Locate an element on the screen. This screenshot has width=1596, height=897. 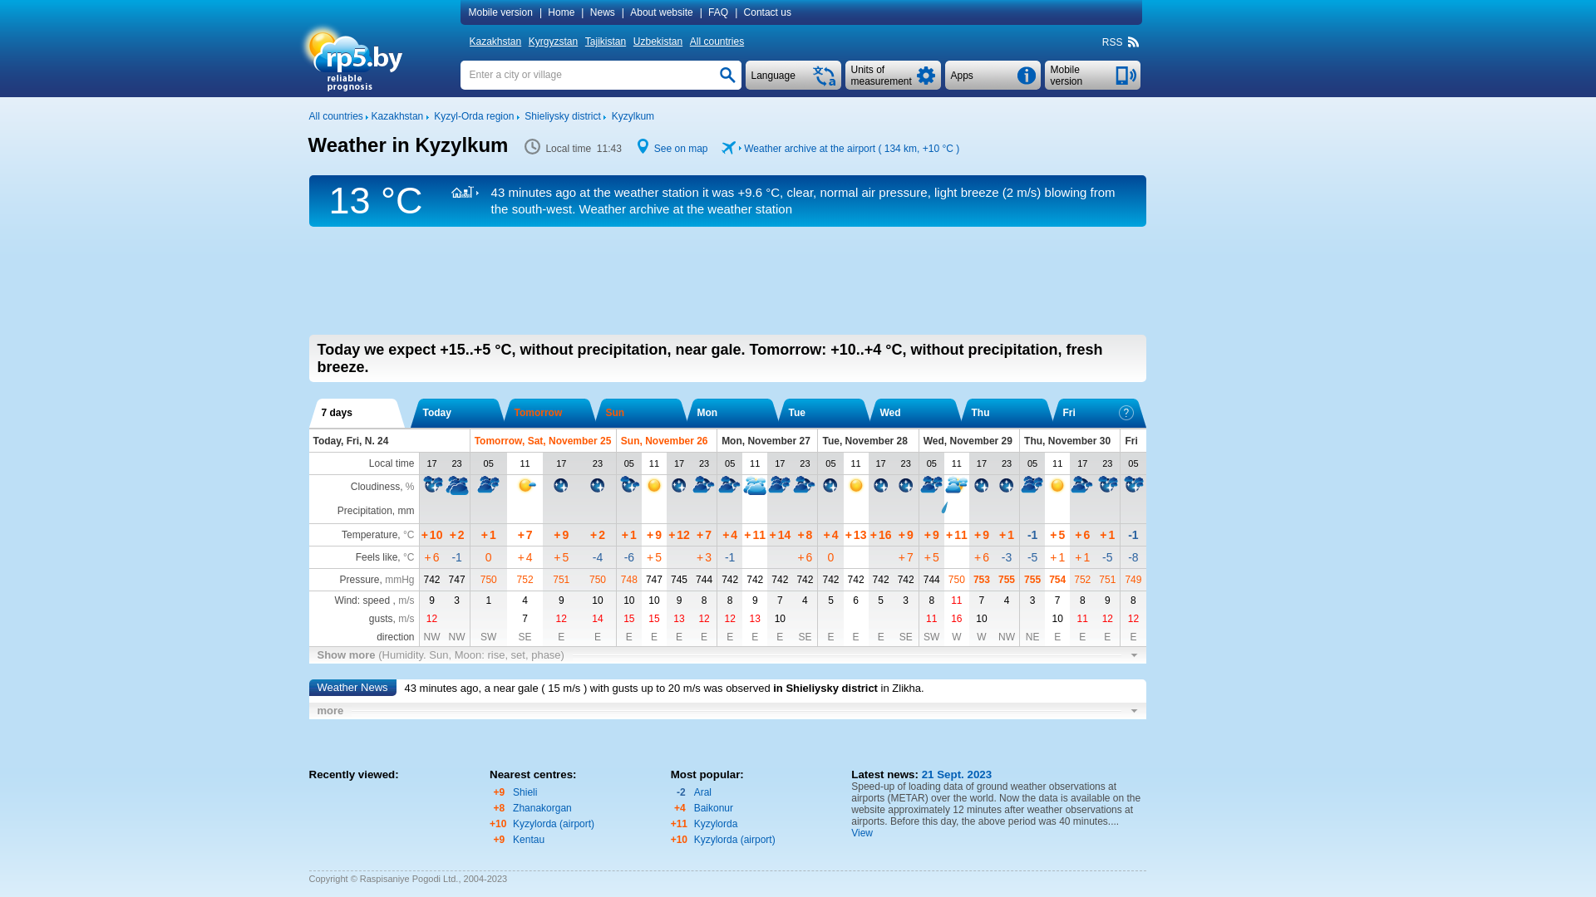
'Thu' is located at coordinates (1005, 412).